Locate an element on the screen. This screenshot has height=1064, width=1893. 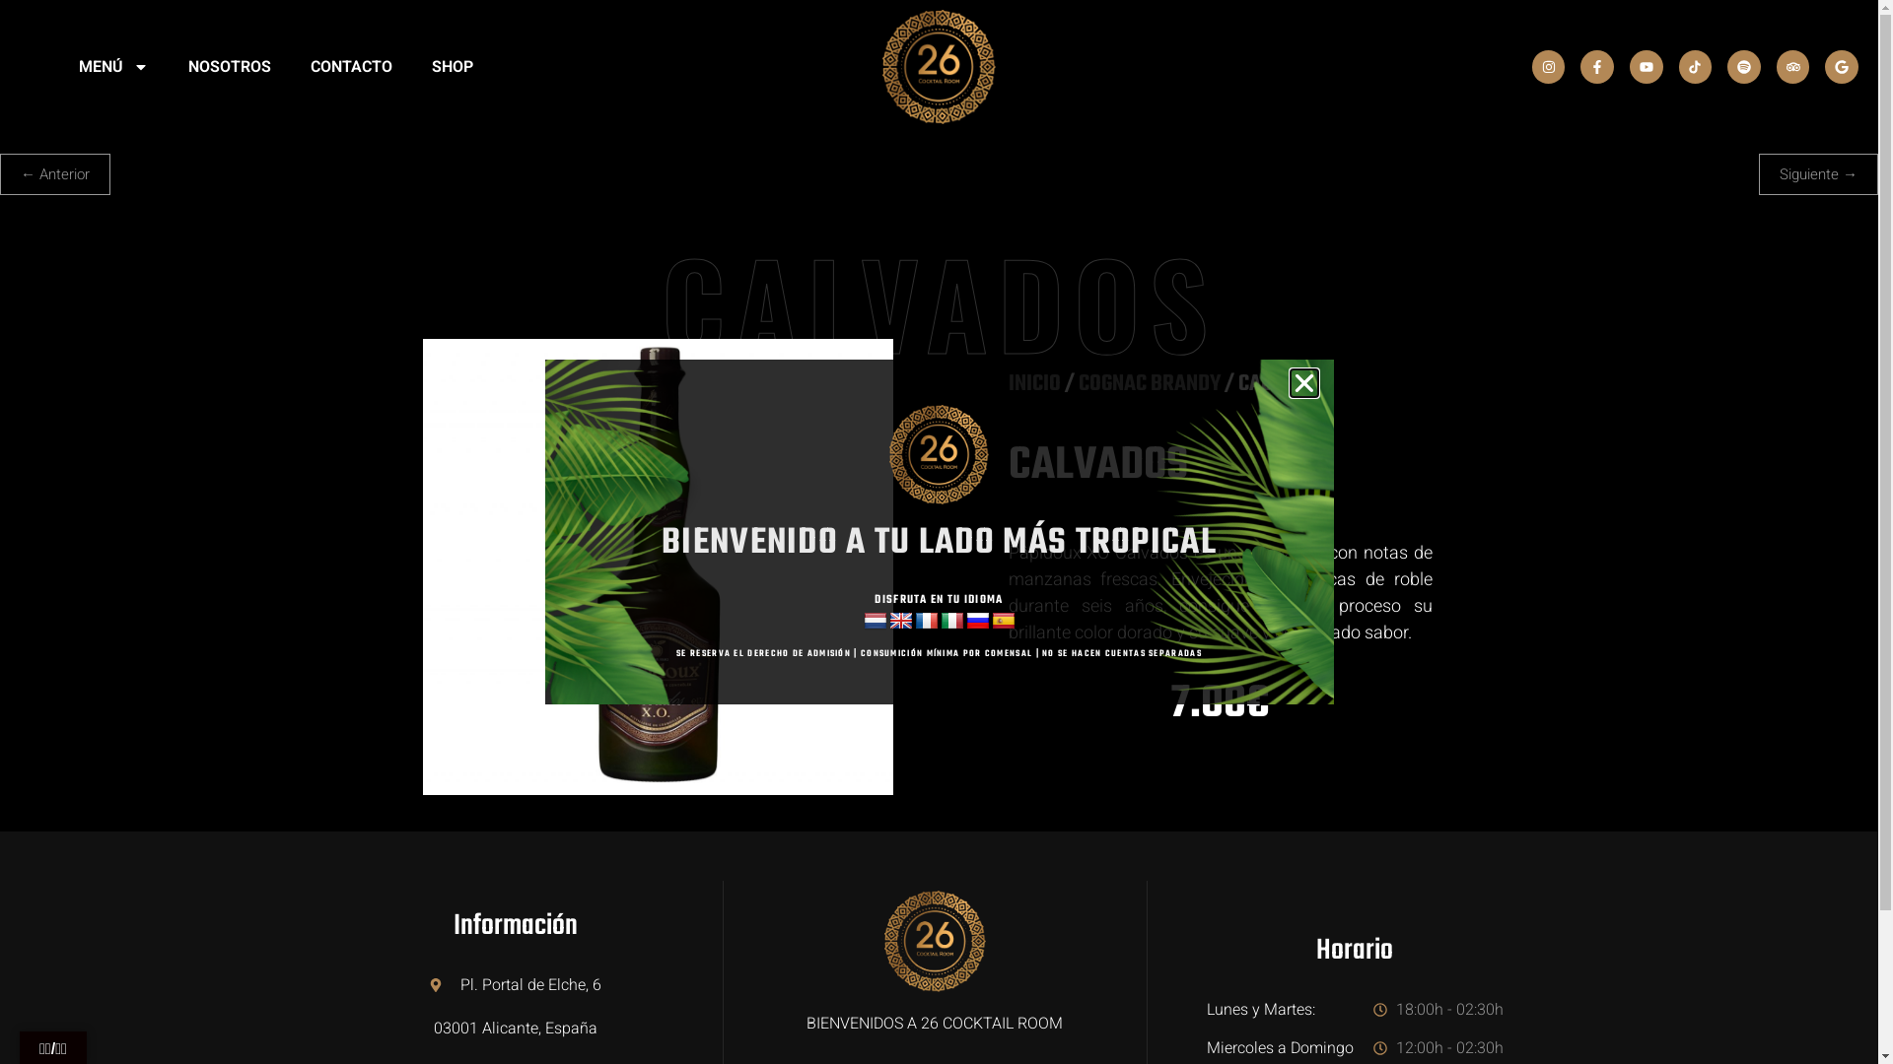
'Russian' is located at coordinates (978, 622).